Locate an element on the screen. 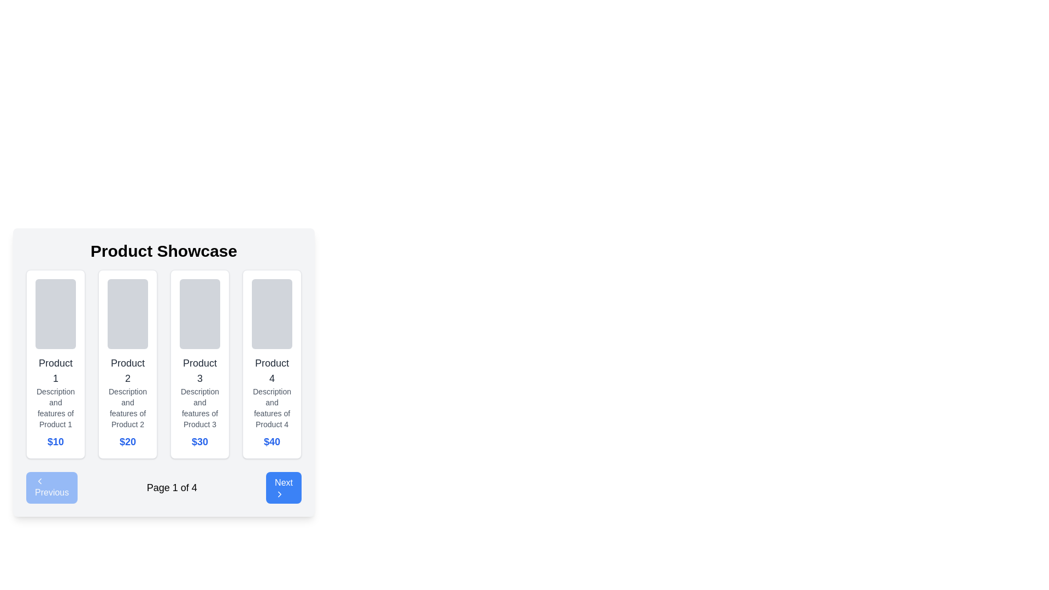  the 'Next' button located at the bottom-right corner of the product showcase interface to proceed or advance is located at coordinates (280, 494).